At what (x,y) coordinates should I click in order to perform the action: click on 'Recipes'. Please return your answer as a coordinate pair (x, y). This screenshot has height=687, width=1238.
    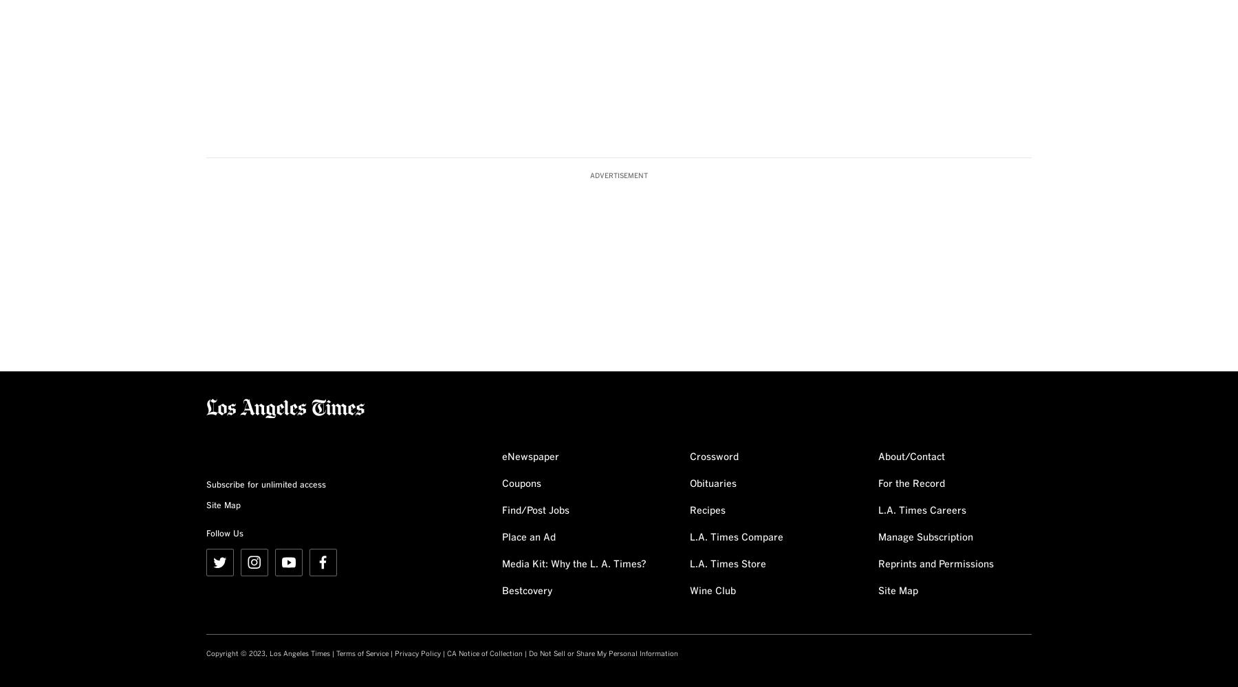
    Looking at the image, I should click on (708, 510).